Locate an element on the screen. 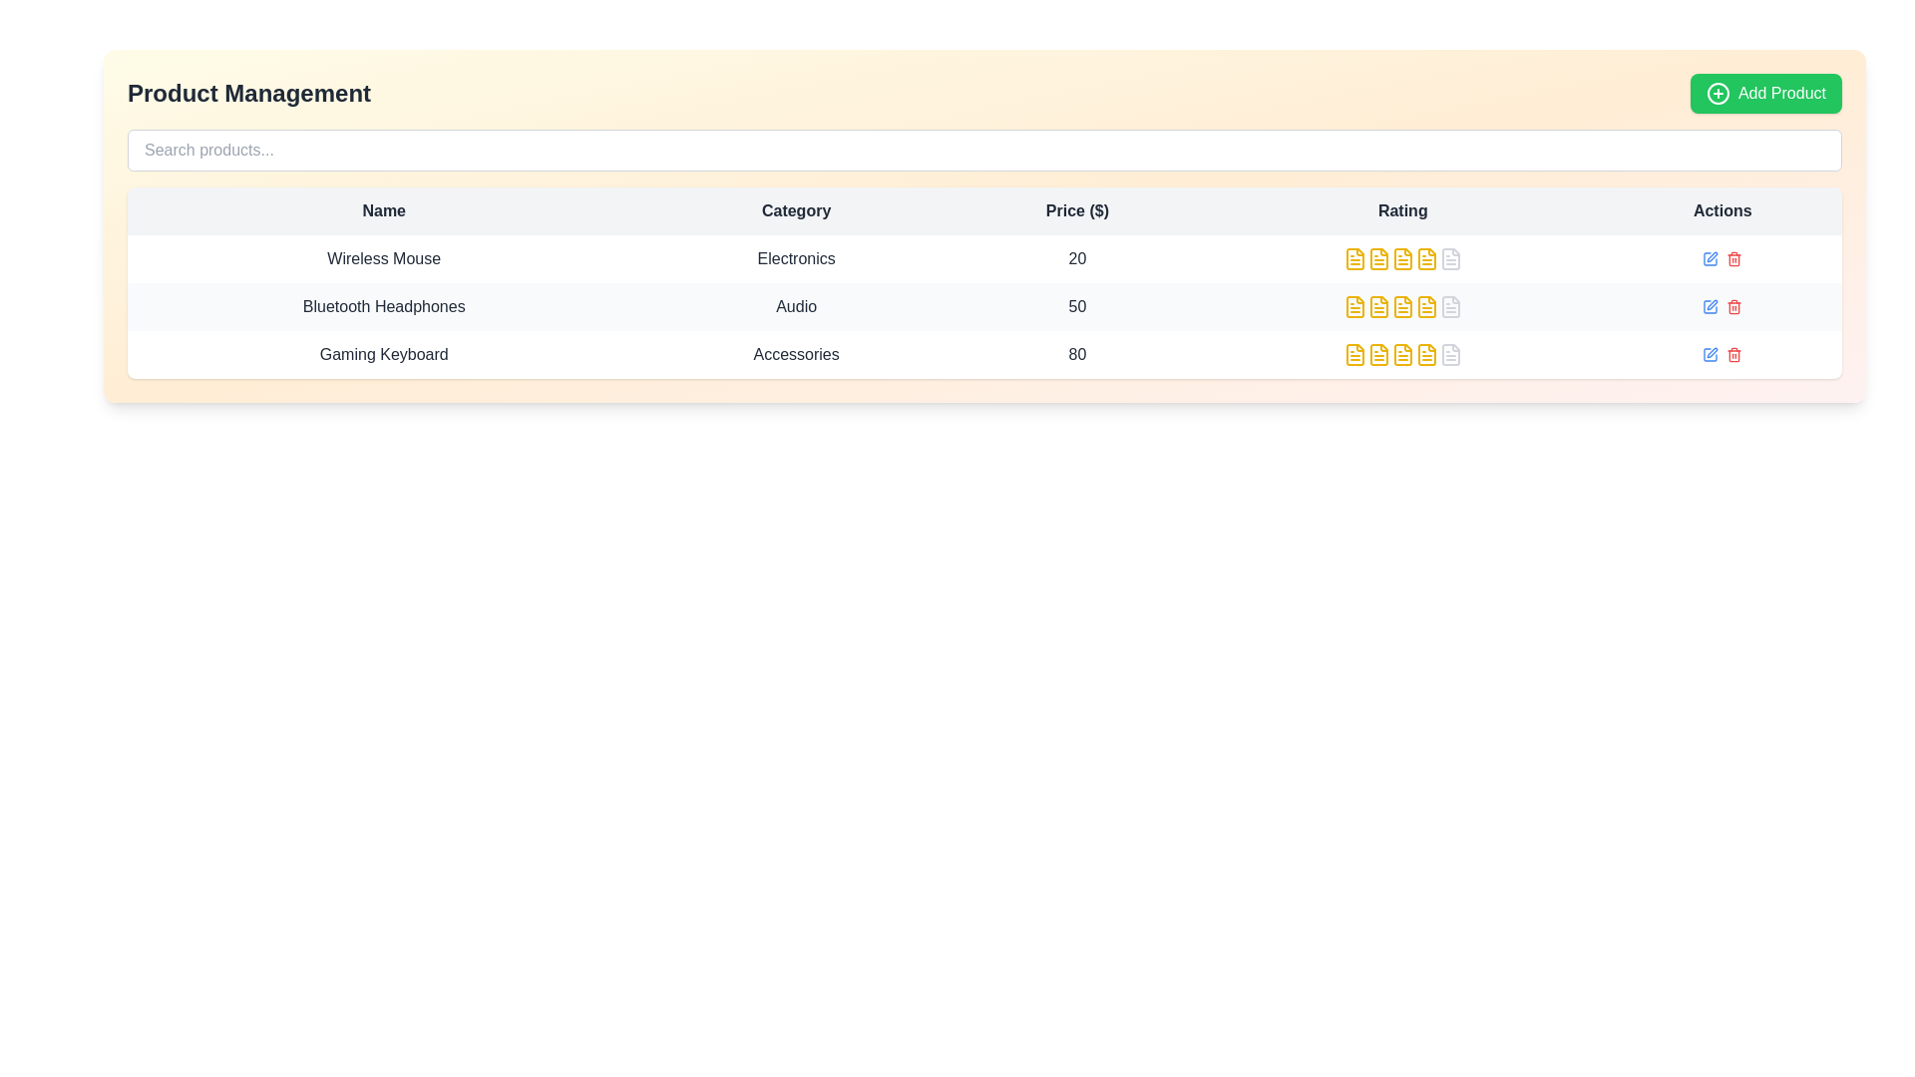 This screenshot has height=1077, width=1915. the Text label that displays the category of the associated item in the table under the 'Category' column for the 'Gaming Keyboard' is located at coordinates (795, 353).